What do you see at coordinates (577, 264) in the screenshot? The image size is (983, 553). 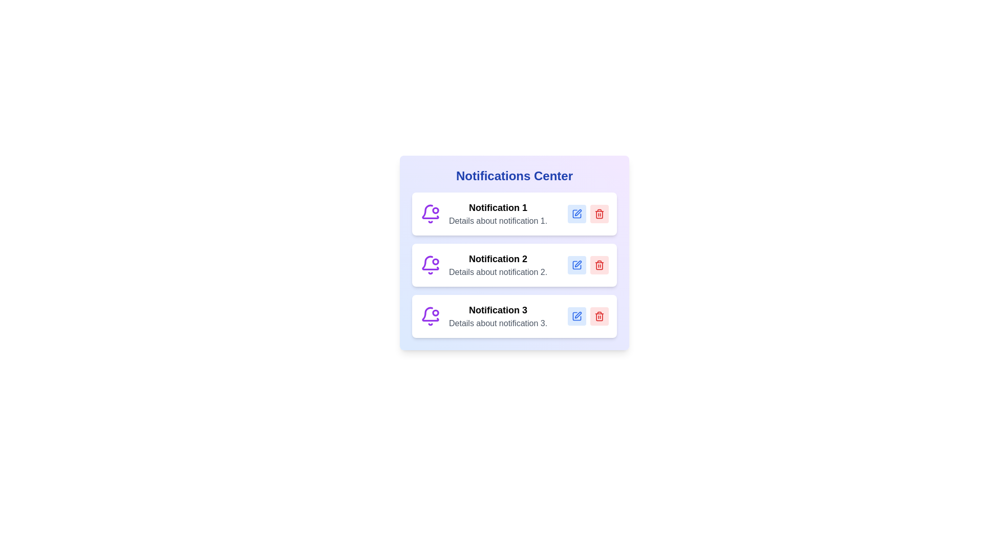 I see `the decorative or interactive edit icon located within the 'Notification 2' list item, positioned to the right of the notification text` at bounding box center [577, 264].